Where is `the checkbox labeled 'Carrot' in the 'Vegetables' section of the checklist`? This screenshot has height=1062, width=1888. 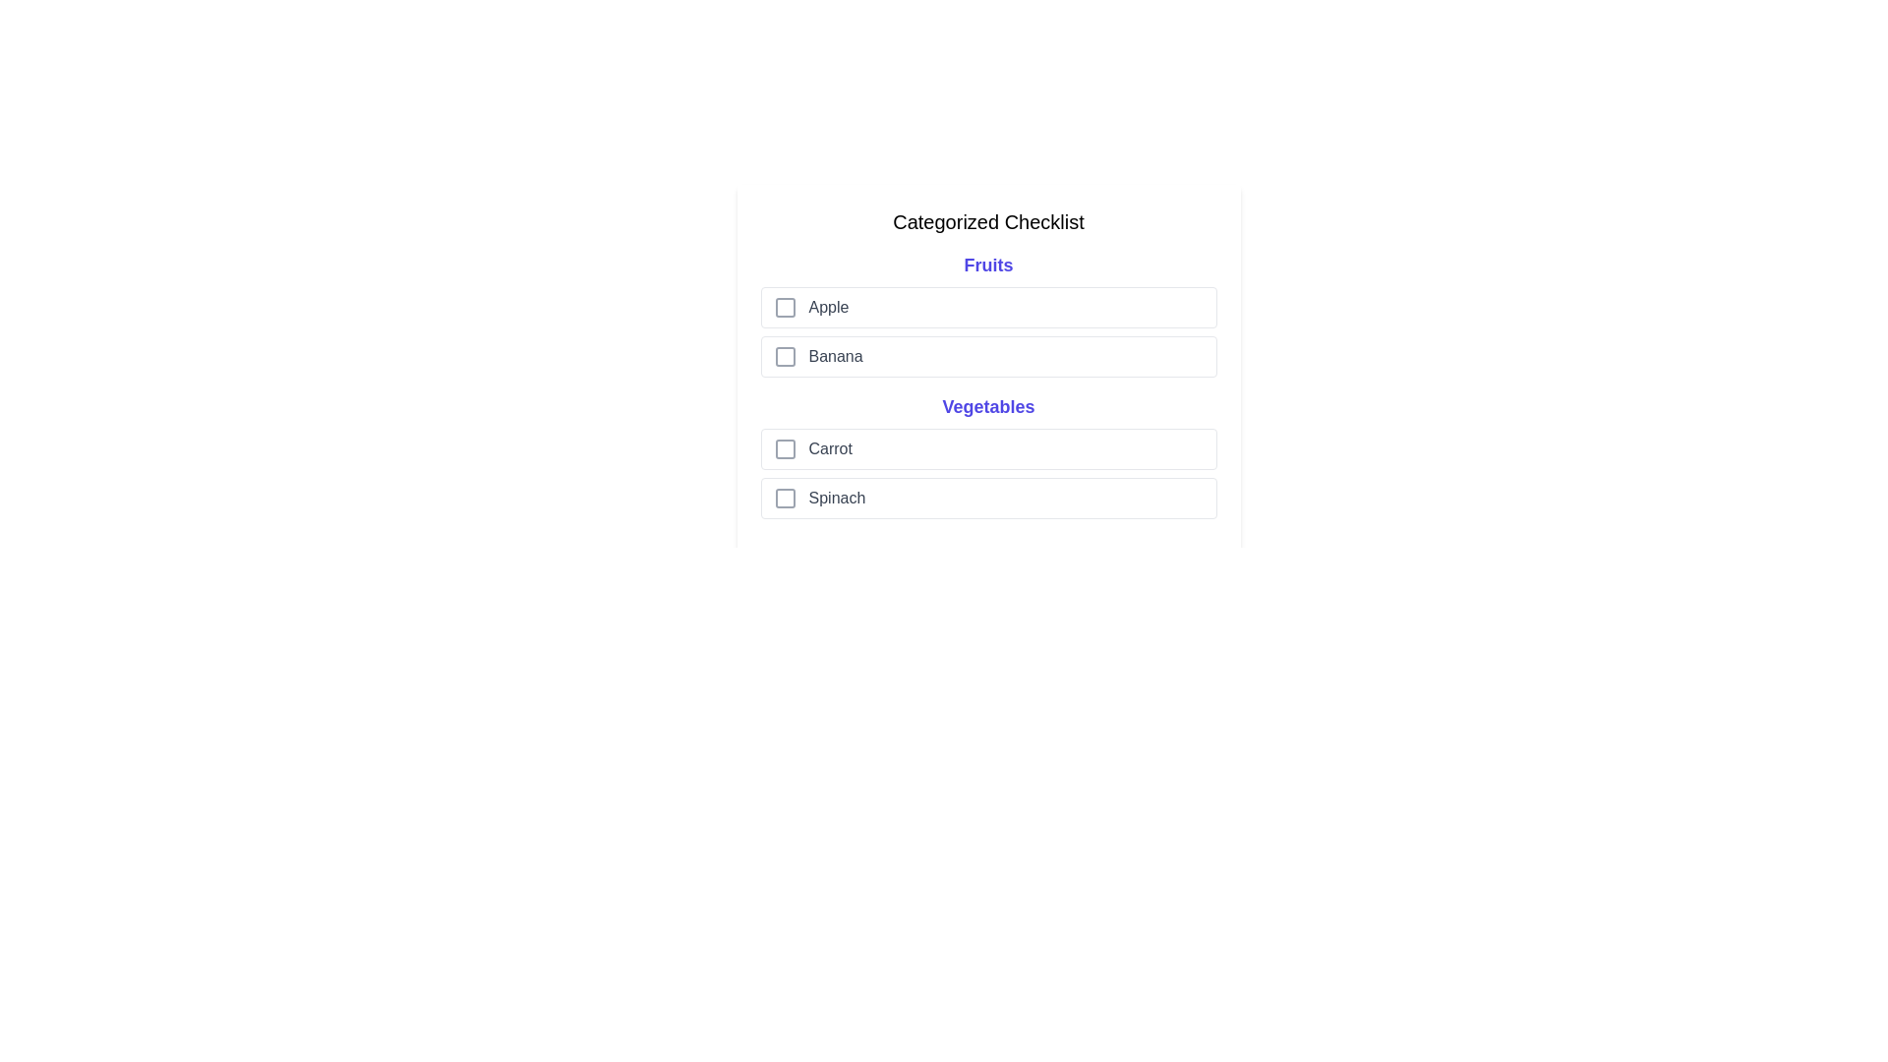 the checkbox labeled 'Carrot' in the 'Vegetables' section of the checklist is located at coordinates (988, 448).